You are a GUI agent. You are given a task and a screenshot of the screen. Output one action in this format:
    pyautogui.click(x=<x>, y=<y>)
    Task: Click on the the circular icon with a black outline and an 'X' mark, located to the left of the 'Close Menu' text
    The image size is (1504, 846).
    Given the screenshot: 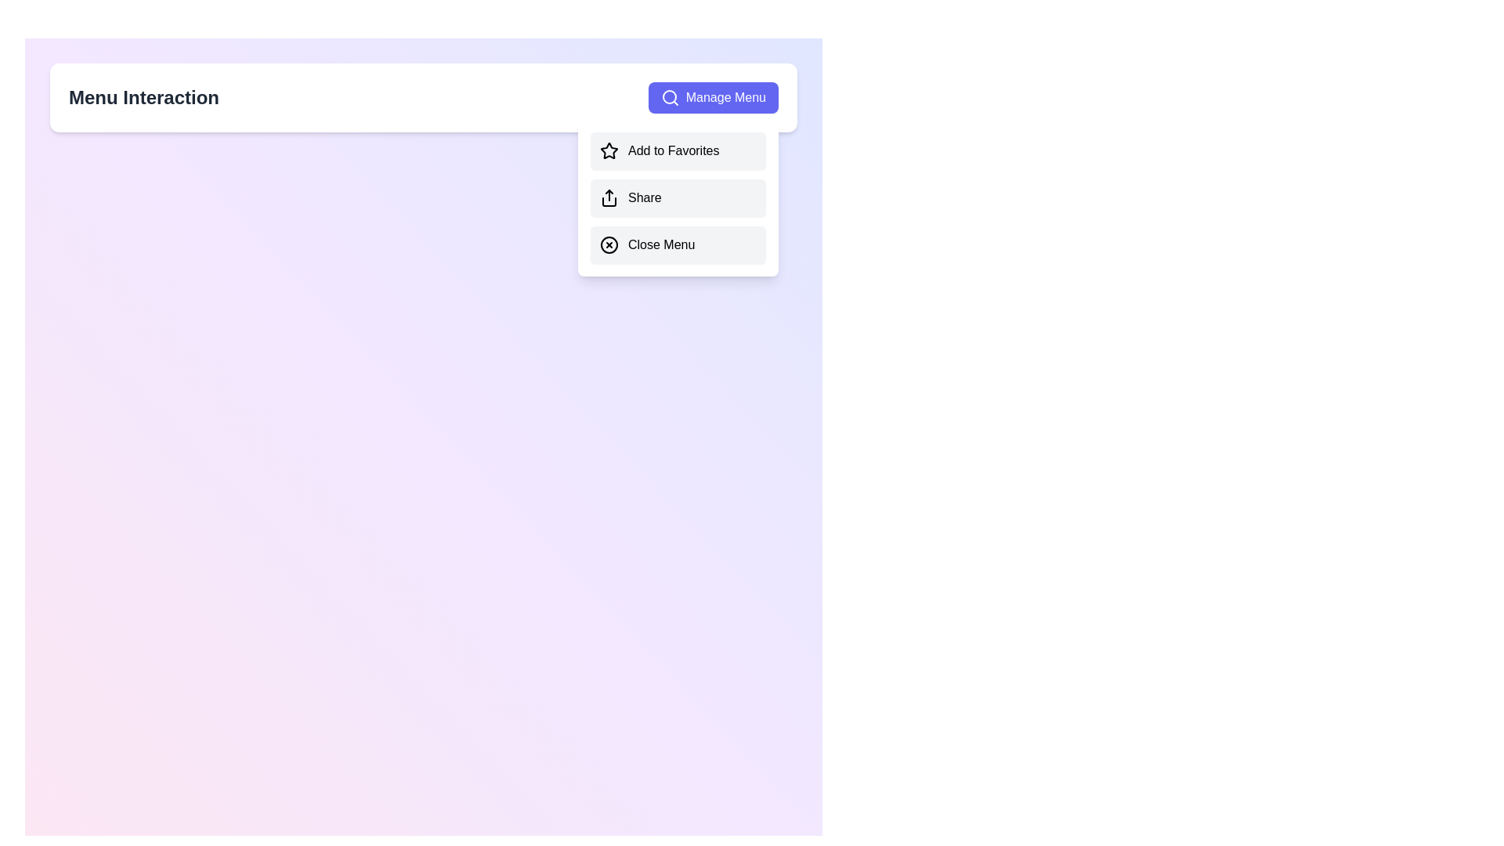 What is the action you would take?
    pyautogui.click(x=608, y=244)
    